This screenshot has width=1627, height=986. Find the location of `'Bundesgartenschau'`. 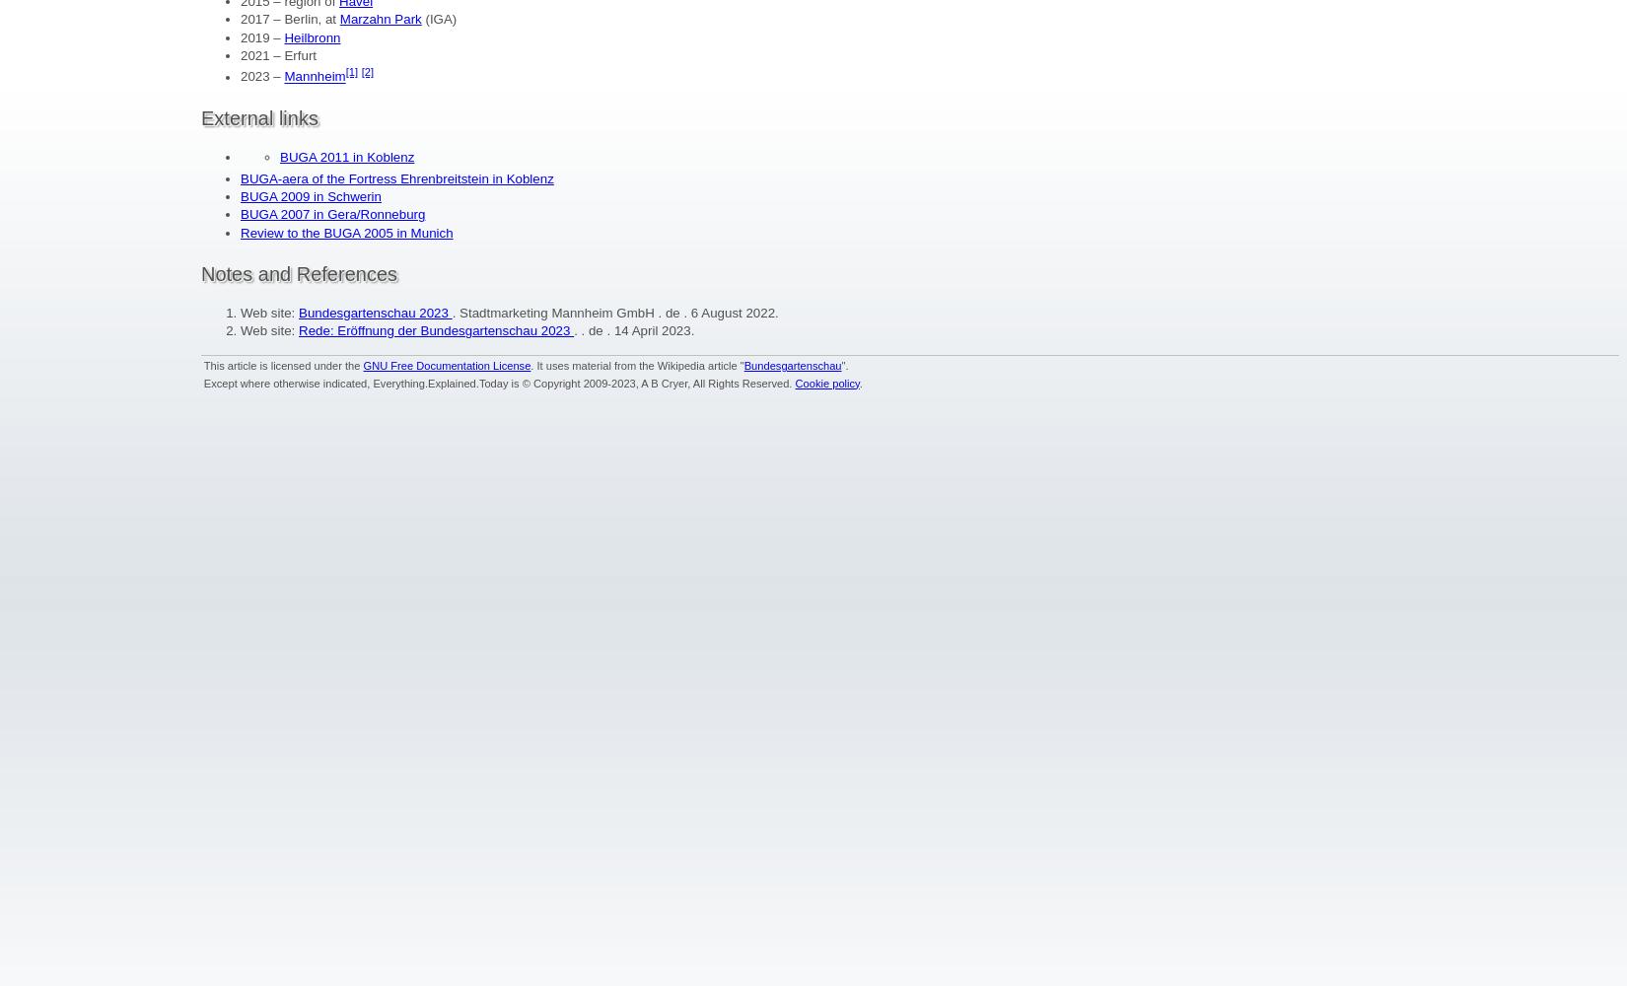

'Bundesgartenschau' is located at coordinates (743, 365).